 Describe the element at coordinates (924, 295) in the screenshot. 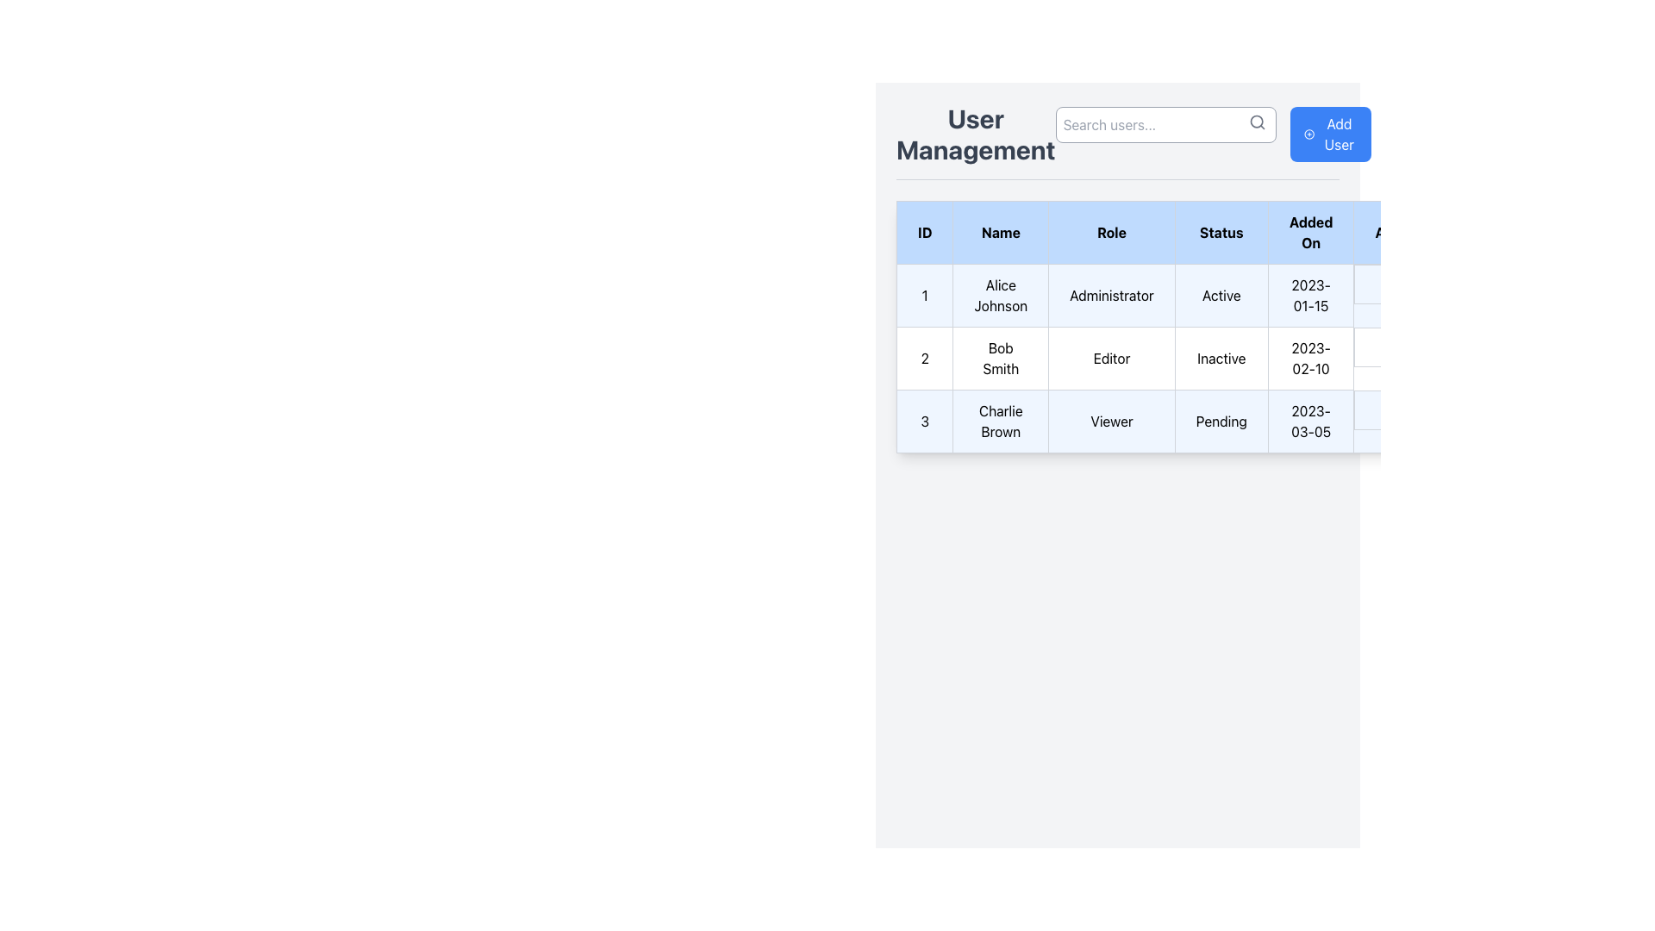

I see `the first cell of the 'ID' column in the user management table, which contains the text '1'` at that location.